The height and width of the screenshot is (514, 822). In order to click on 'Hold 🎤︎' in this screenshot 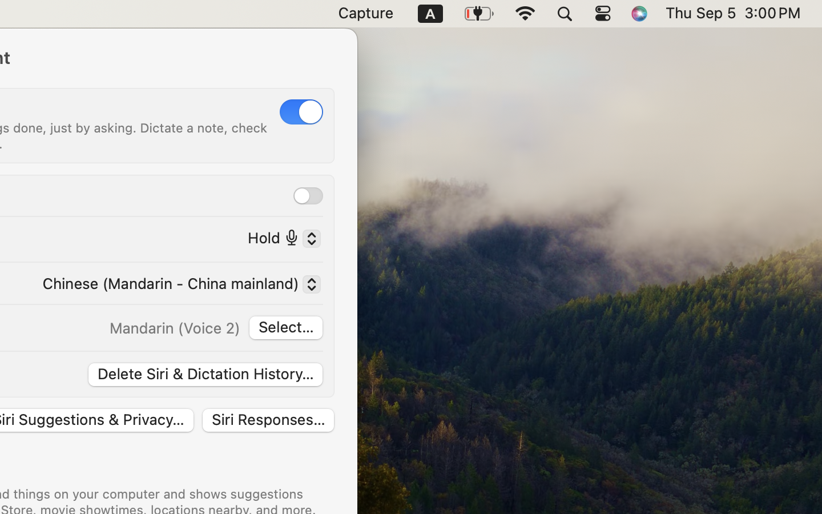, I will do `click(279, 240)`.